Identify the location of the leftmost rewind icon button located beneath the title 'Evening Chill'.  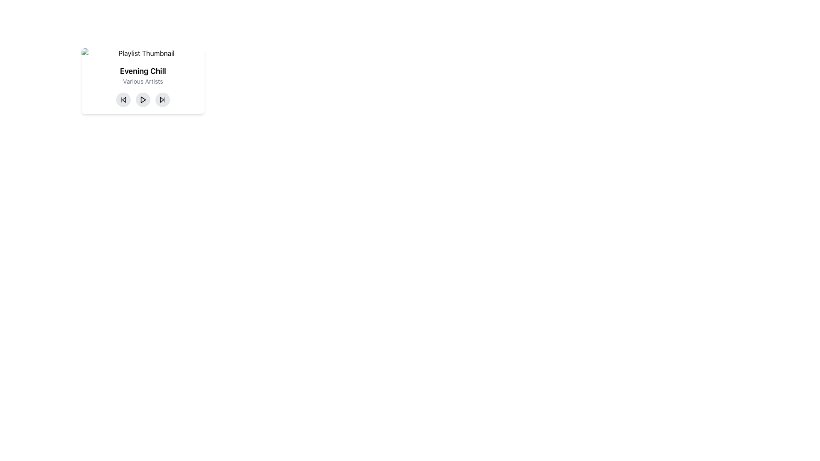
(123, 99).